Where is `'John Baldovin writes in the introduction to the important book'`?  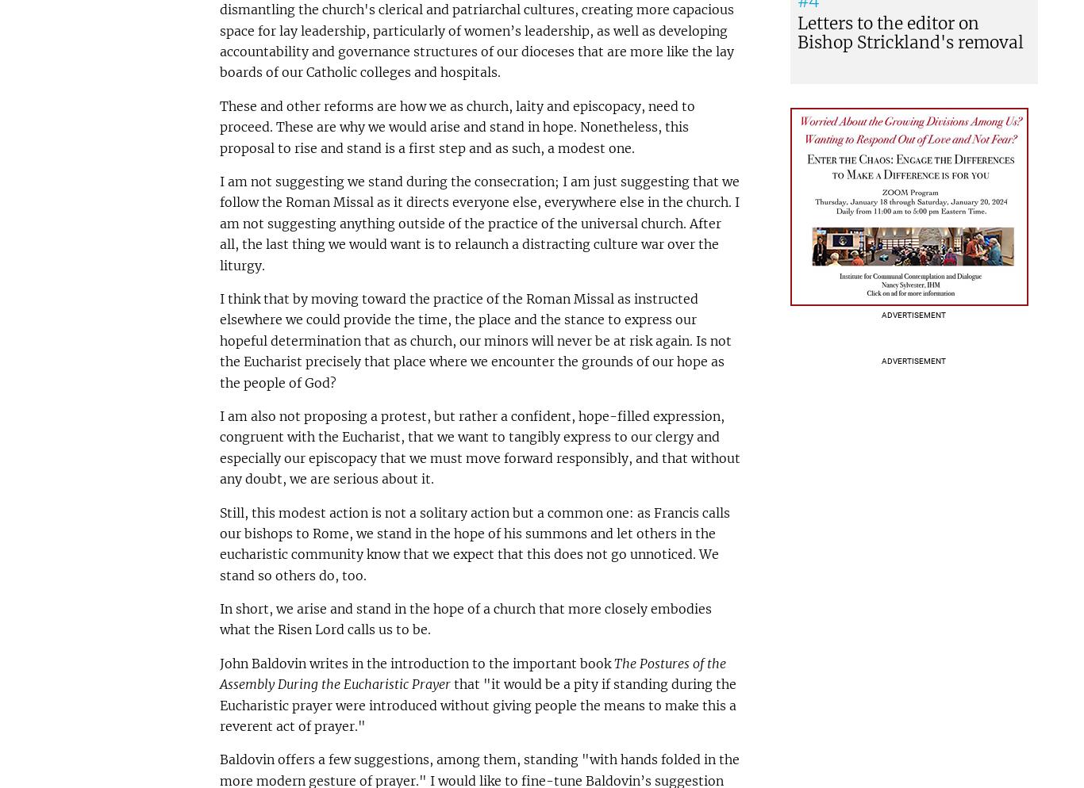
'John Baldovin writes in the introduction to the important book' is located at coordinates (218, 661).